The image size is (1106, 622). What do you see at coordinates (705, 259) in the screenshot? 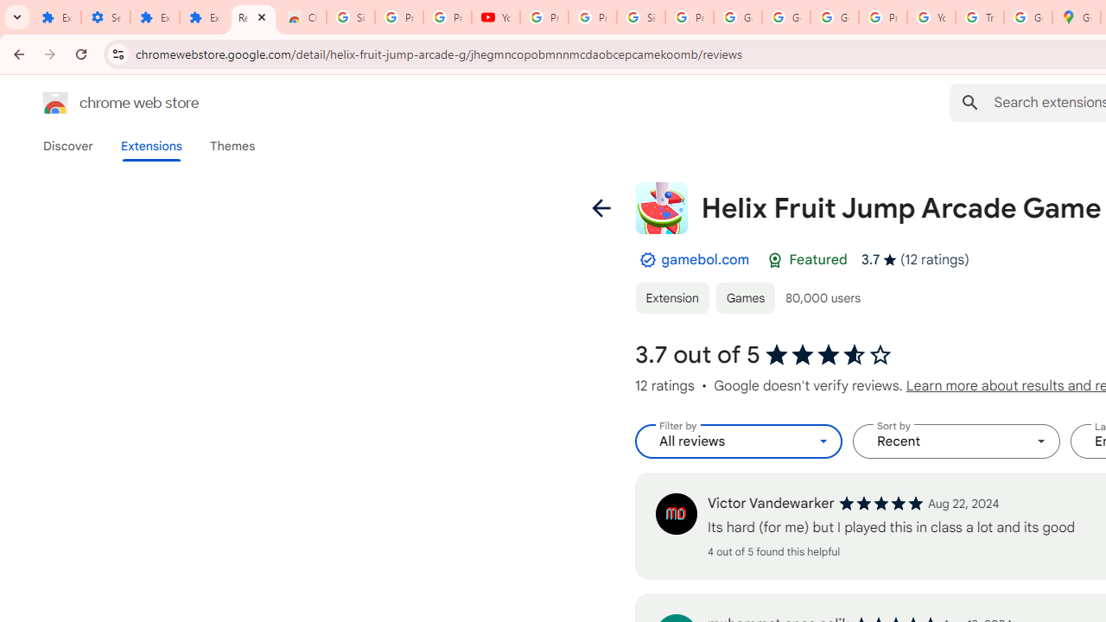
I see `'gamebol.com'` at bounding box center [705, 259].